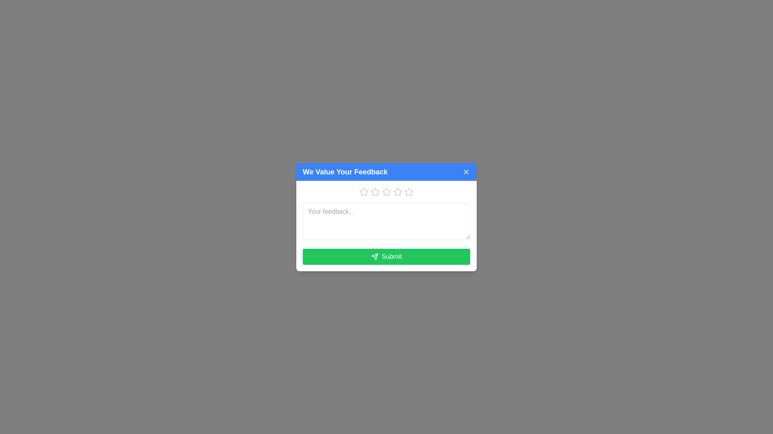  I want to click on the green button labeled 'Submit' that displays a bold white font, located at the bottom of the feedback modal, so click(392, 256).